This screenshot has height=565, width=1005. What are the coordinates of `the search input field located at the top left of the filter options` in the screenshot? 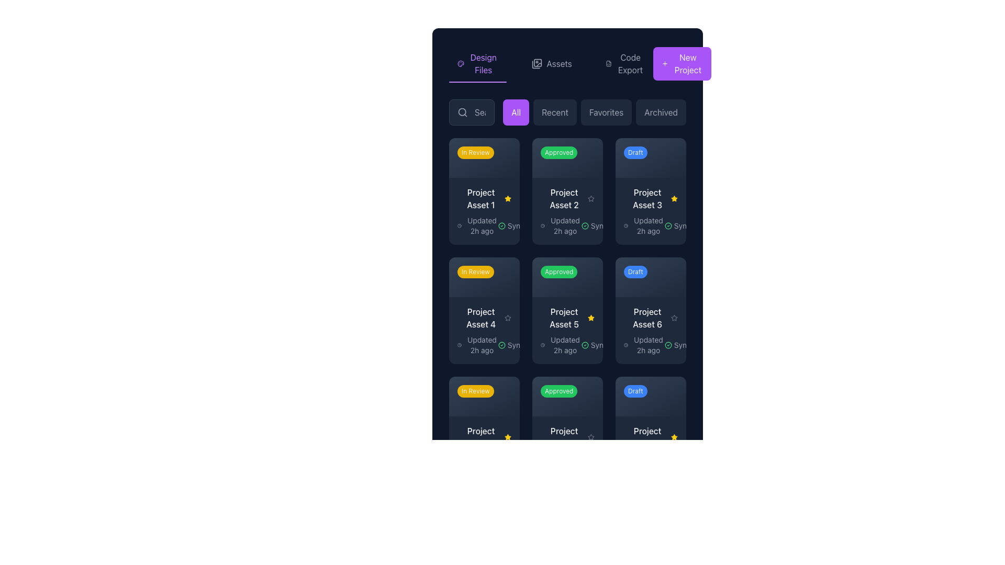 It's located at (471, 112).